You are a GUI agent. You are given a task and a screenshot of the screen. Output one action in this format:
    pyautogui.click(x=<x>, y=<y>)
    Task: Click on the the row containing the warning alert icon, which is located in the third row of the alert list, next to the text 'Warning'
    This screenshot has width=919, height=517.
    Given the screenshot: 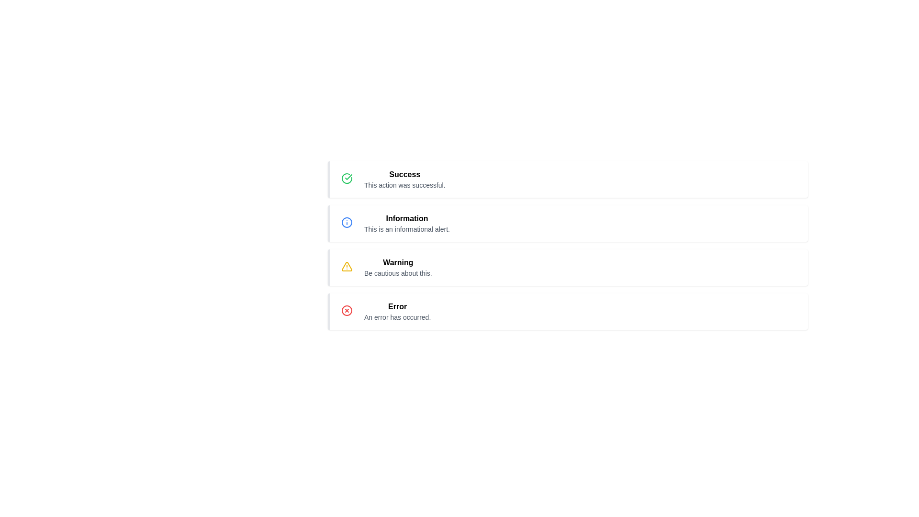 What is the action you would take?
    pyautogui.click(x=346, y=266)
    